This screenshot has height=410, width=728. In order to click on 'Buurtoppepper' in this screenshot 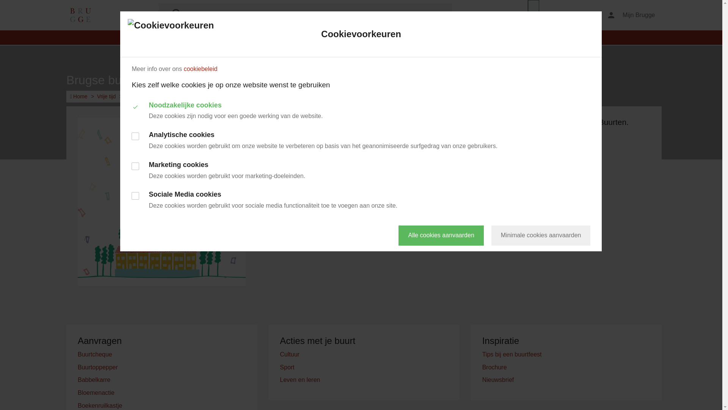, I will do `click(97, 367)`.